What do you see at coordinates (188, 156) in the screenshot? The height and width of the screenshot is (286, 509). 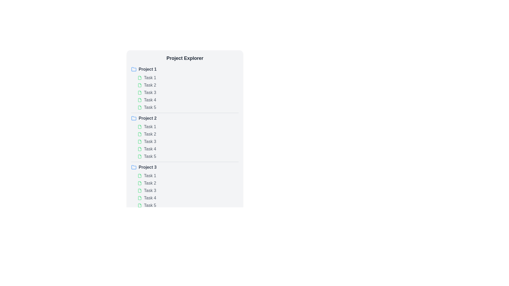 I see `the list item element representing 'Task 5' under 'Project 2'` at bounding box center [188, 156].